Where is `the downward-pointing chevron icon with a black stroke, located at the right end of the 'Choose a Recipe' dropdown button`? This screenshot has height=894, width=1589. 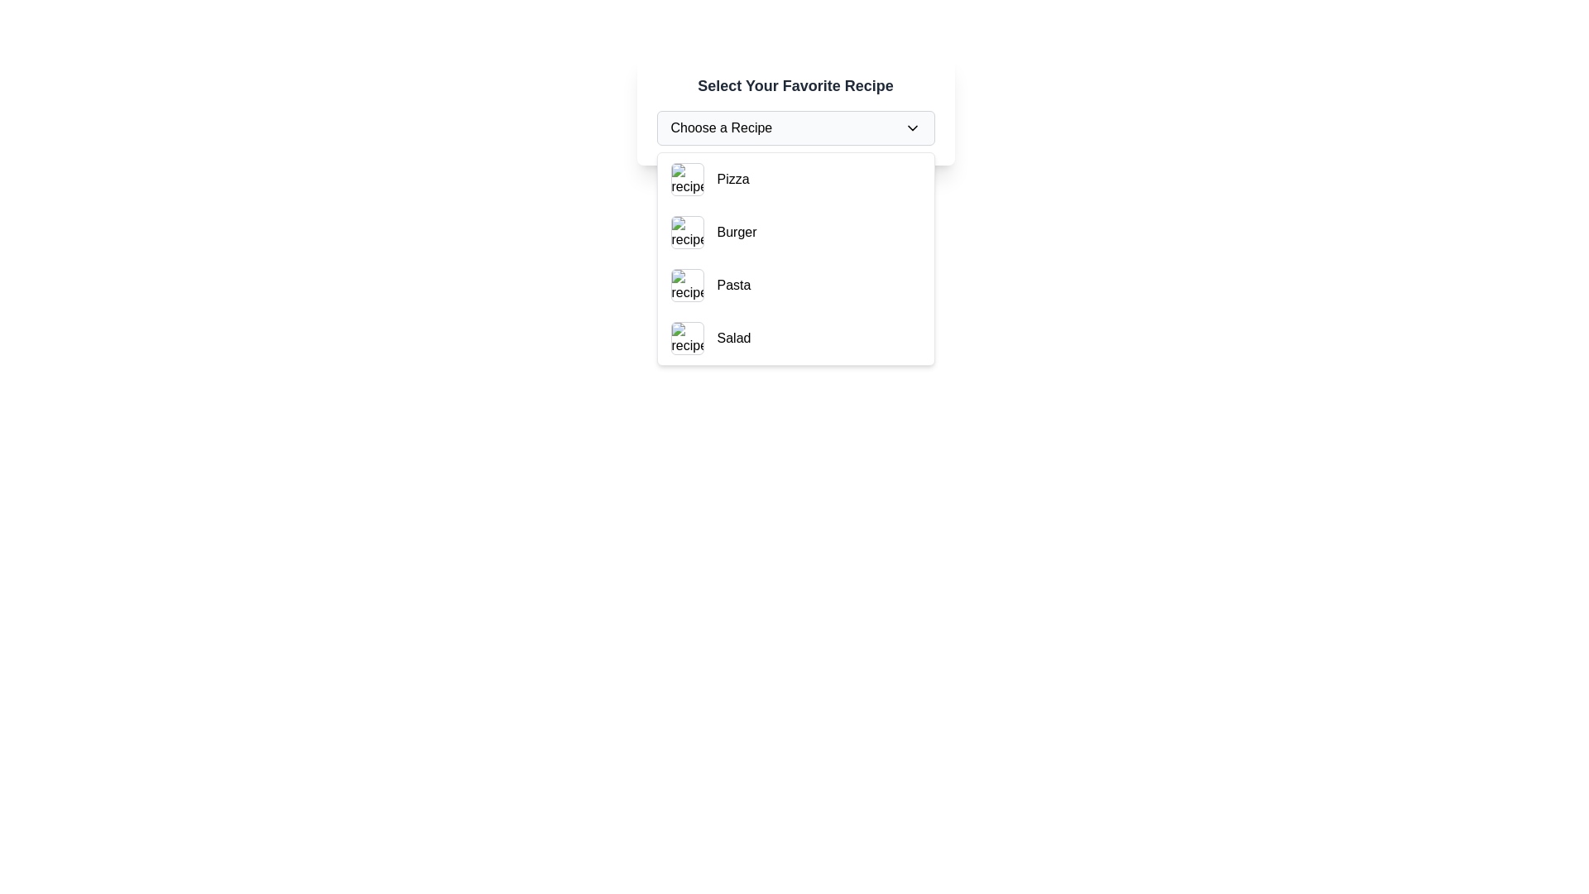
the downward-pointing chevron icon with a black stroke, located at the right end of the 'Choose a Recipe' dropdown button is located at coordinates (911, 127).